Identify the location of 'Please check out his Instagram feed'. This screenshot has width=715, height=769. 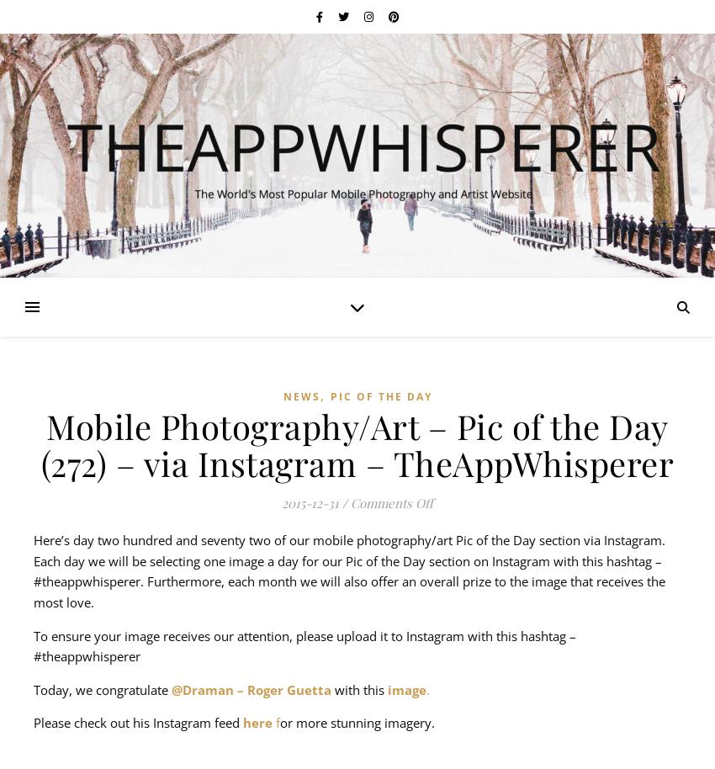
(136, 722).